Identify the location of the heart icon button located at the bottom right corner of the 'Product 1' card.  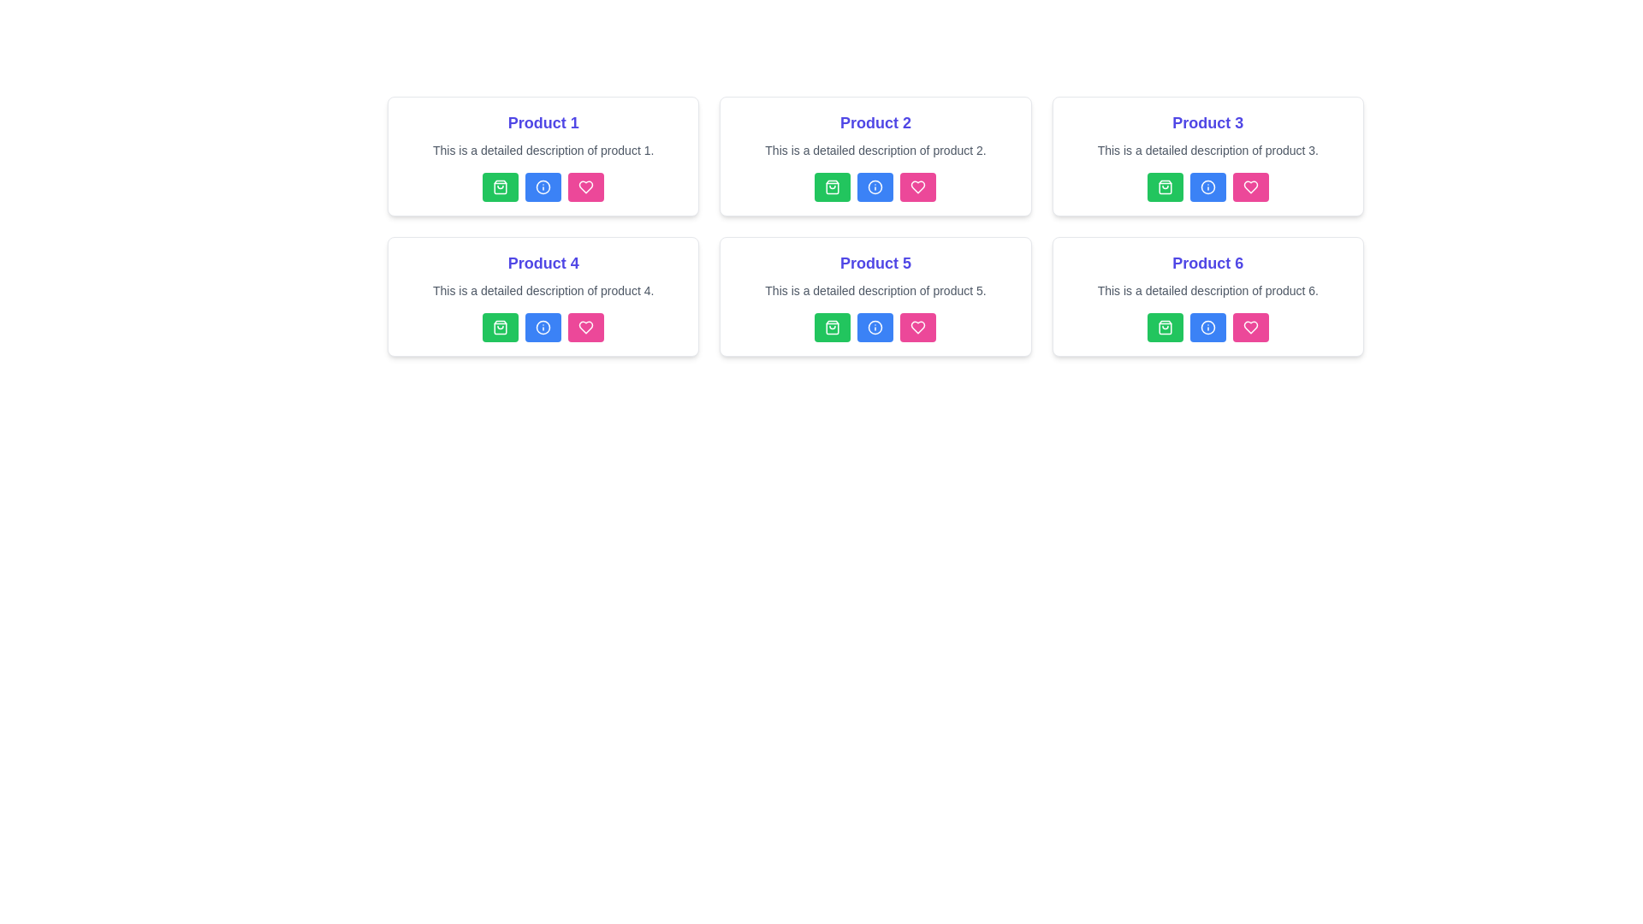
(586, 327).